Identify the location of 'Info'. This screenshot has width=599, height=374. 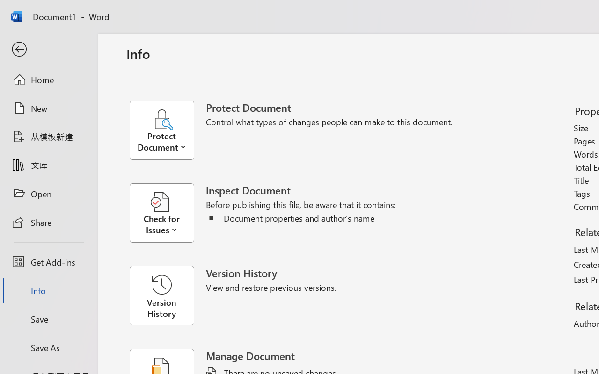
(48, 290).